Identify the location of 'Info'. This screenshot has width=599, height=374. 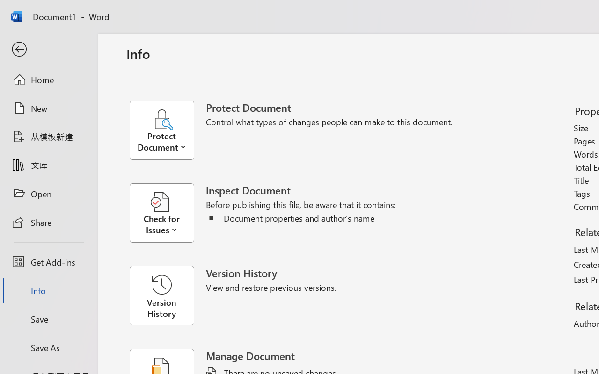
(48, 290).